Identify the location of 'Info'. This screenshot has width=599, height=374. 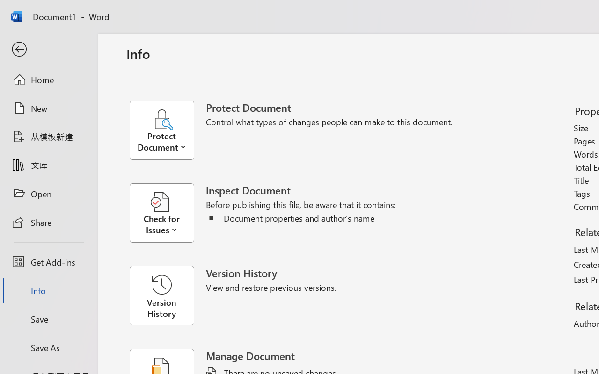
(48, 290).